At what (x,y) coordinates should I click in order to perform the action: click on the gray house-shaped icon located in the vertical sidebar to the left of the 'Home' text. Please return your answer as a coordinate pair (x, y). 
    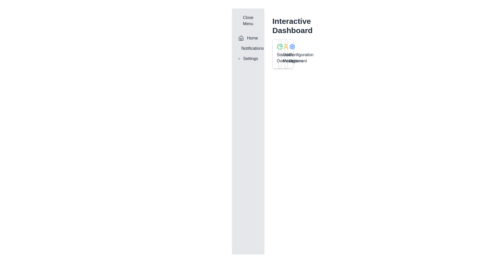
    Looking at the image, I should click on (241, 38).